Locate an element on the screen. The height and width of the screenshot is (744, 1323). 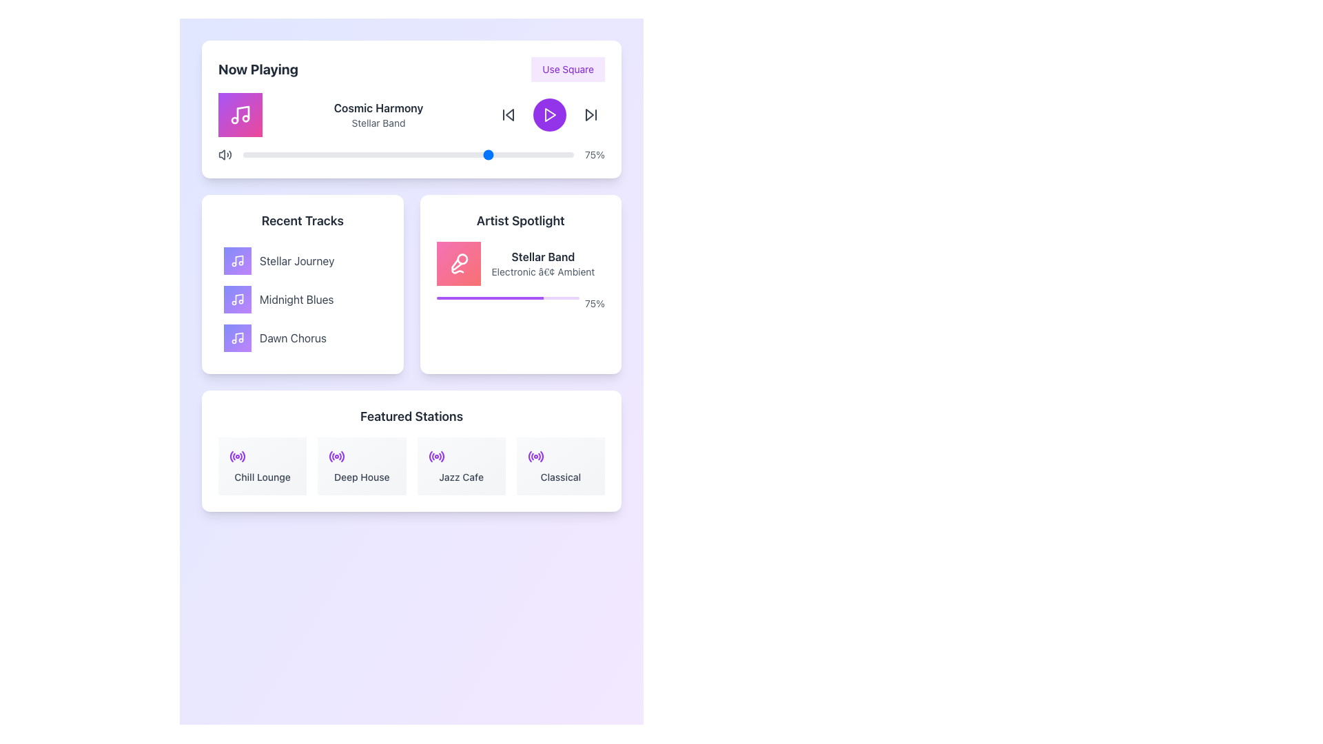
the microphone icon displayed in white against a gradient pink-to-red background, located within the 'Featured Stations' section is located at coordinates (458, 263).